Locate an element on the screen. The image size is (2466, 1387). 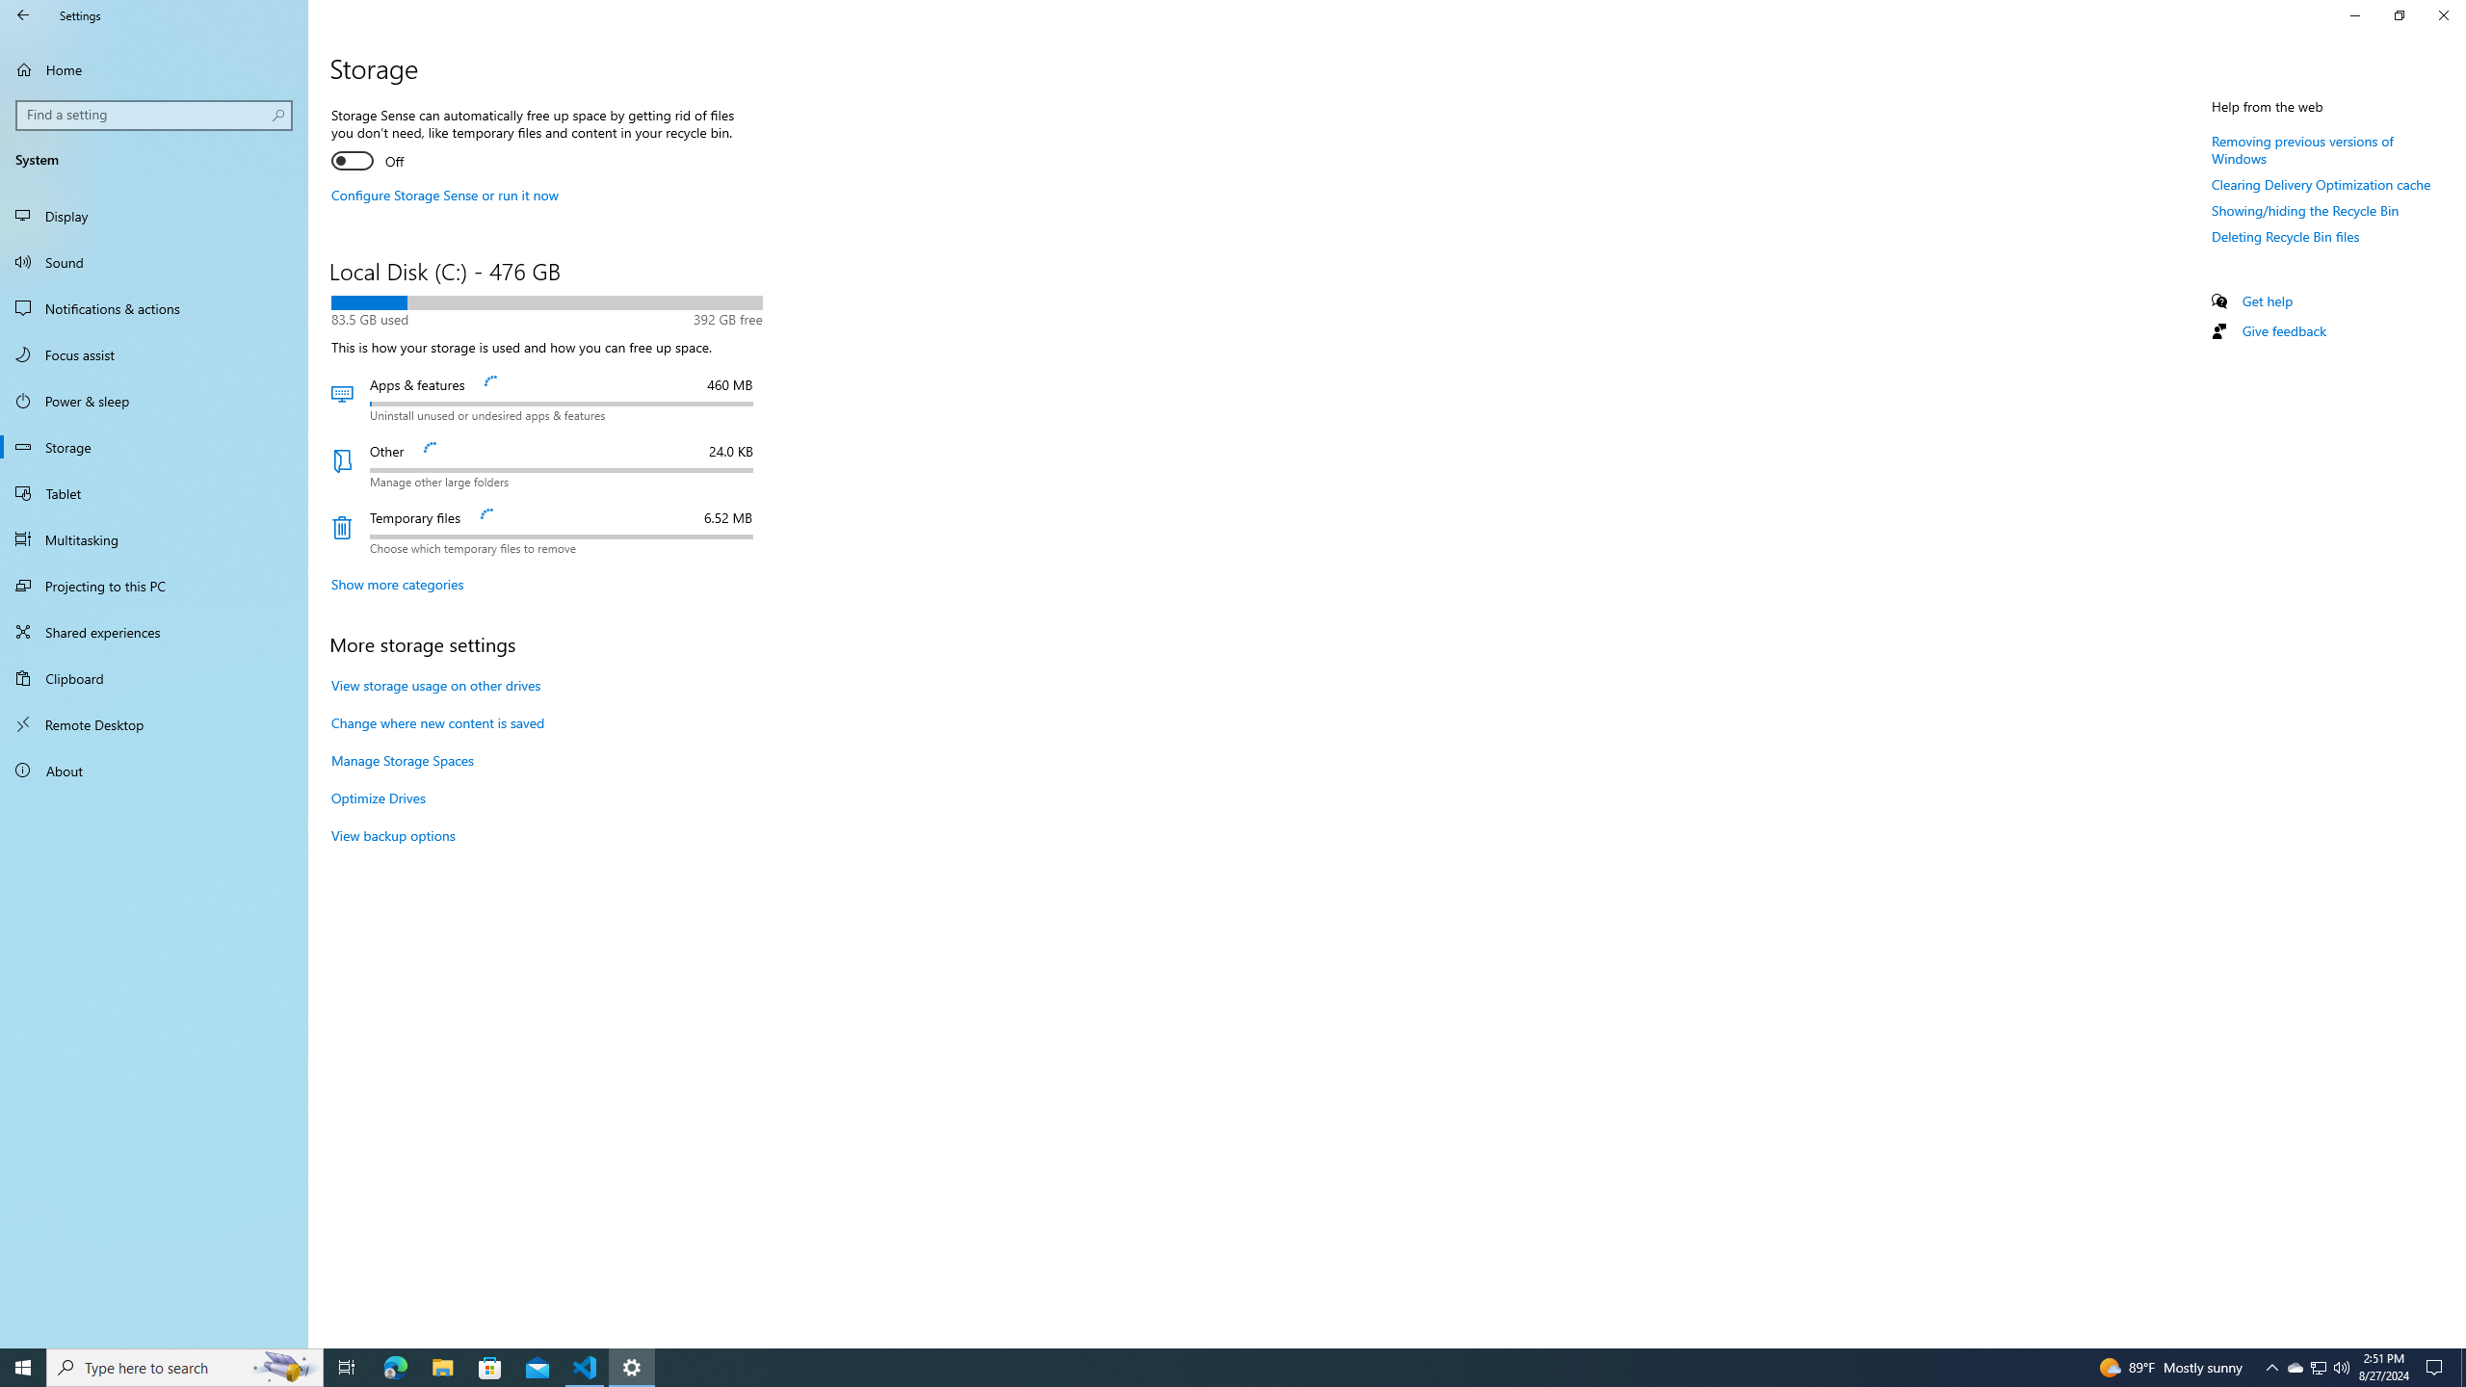
'Apps & features' is located at coordinates (545, 398).